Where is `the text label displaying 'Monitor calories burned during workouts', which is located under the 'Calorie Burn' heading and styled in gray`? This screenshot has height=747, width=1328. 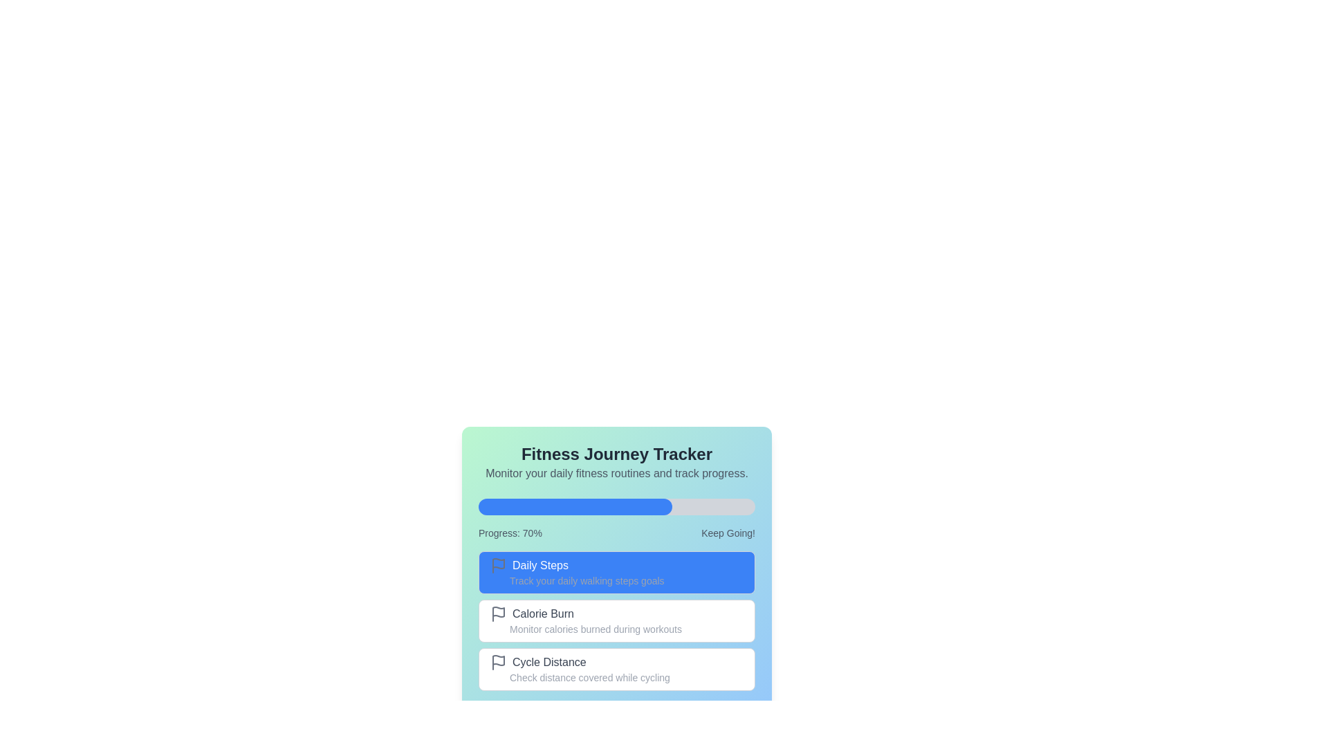
the text label displaying 'Monitor calories burned during workouts', which is located under the 'Calorie Burn' heading and styled in gray is located at coordinates (626, 629).